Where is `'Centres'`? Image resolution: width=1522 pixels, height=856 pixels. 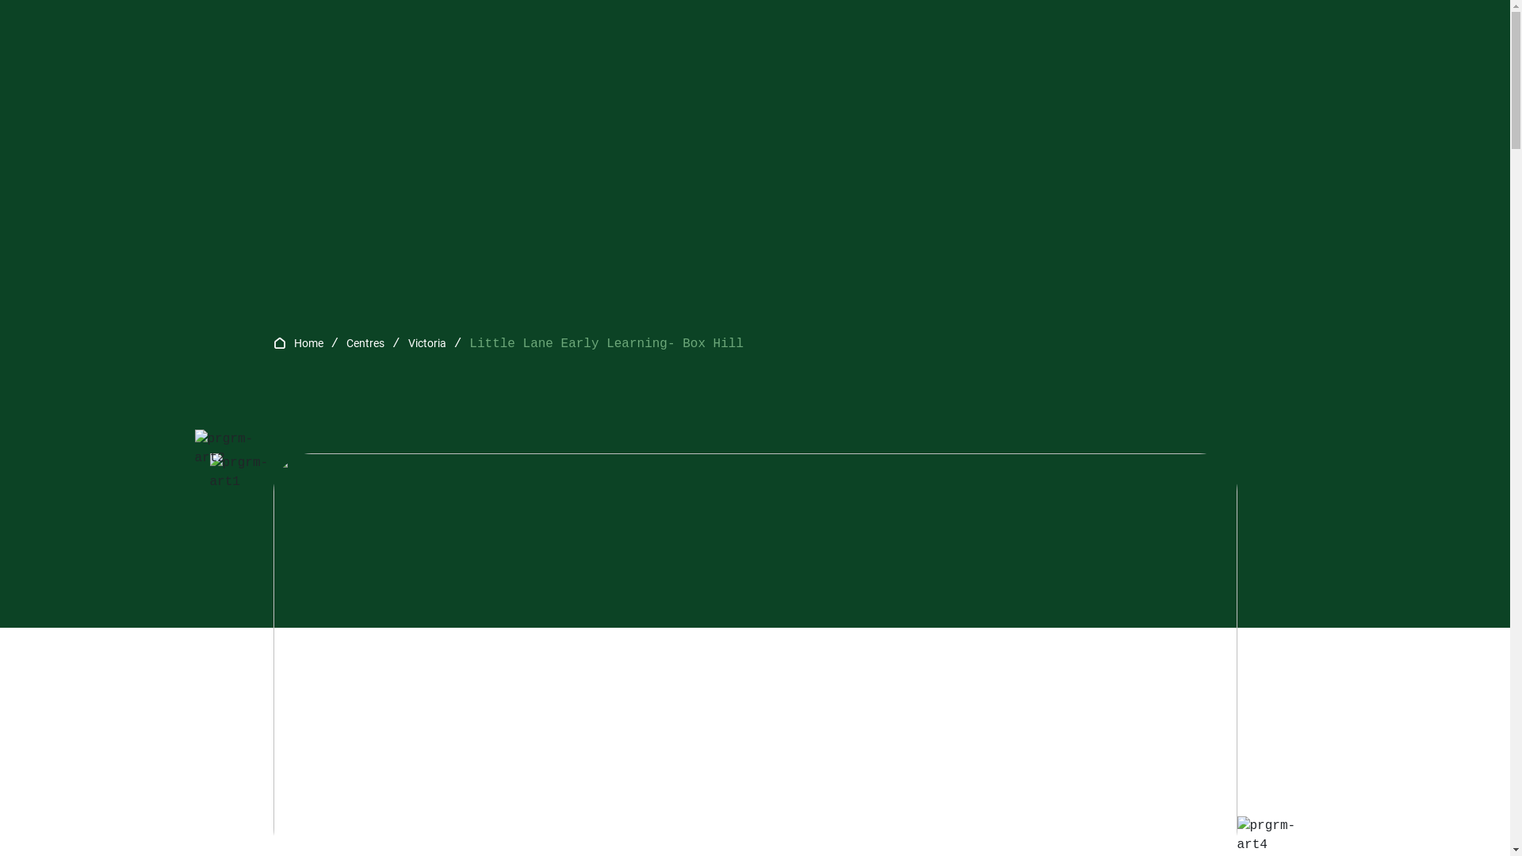 'Centres' is located at coordinates (364, 342).